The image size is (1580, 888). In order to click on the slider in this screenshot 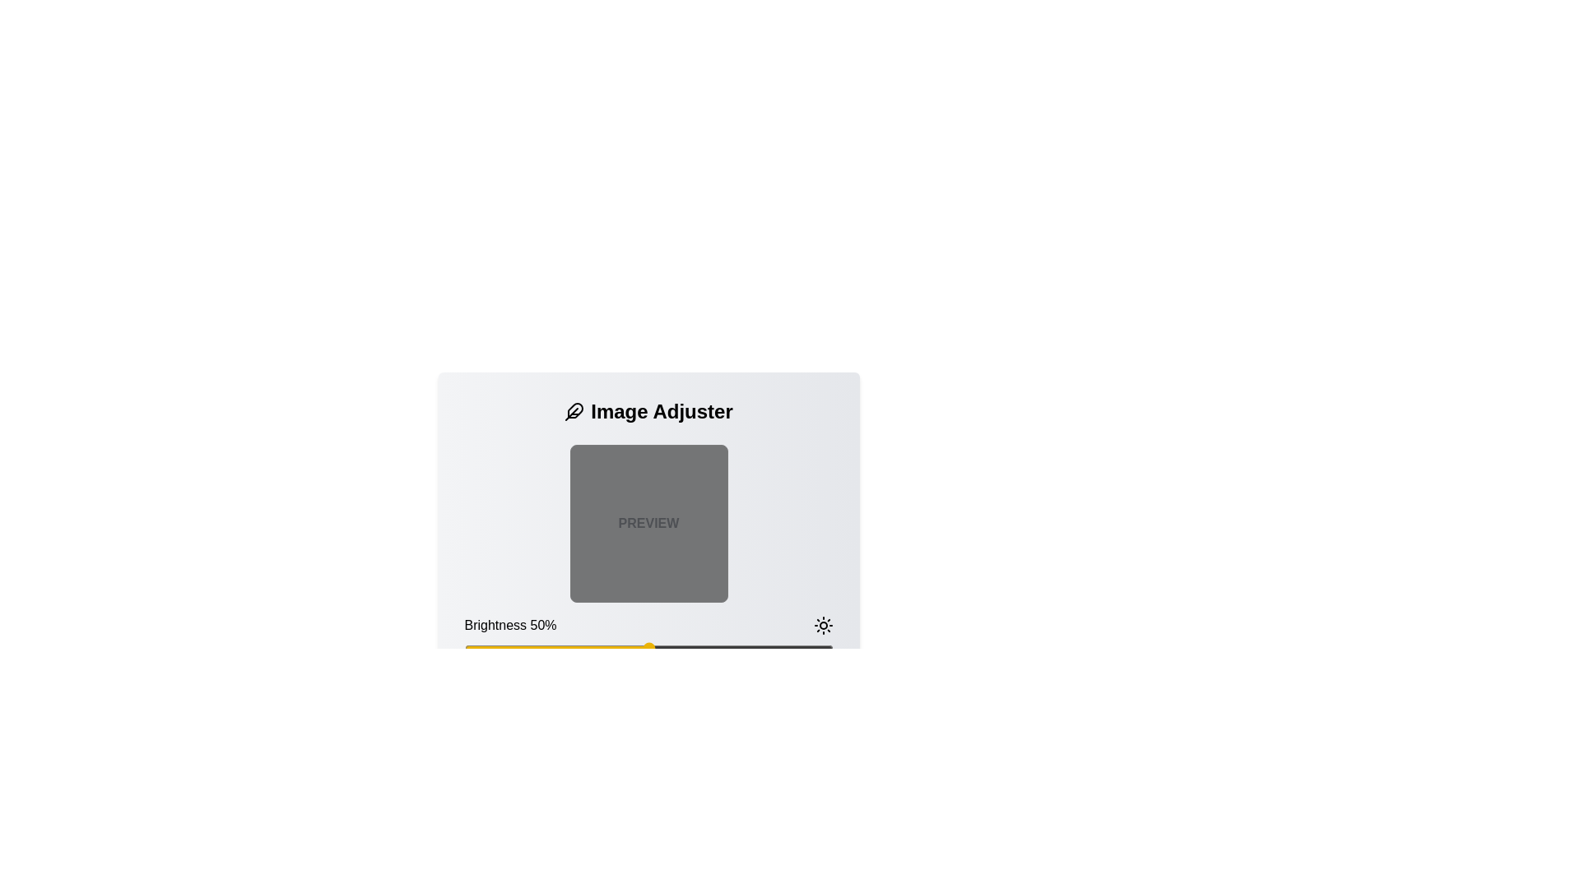, I will do `click(784, 648)`.